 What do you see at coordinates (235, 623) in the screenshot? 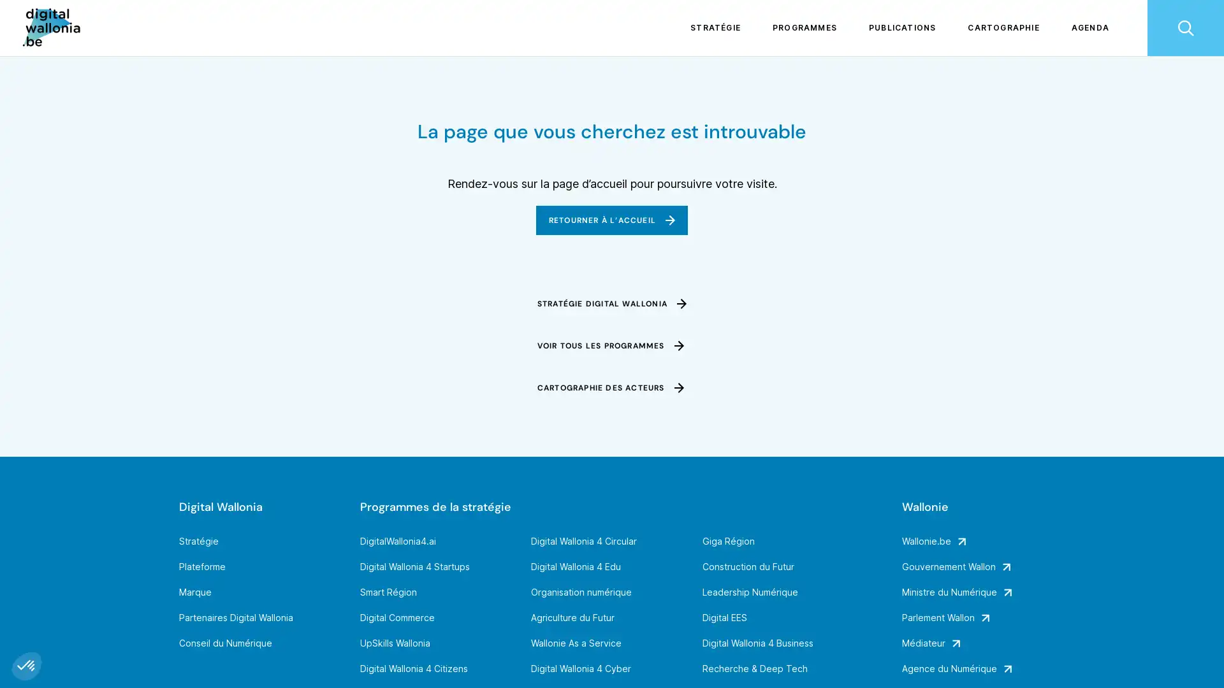
I see `OK pour moi` at bounding box center [235, 623].